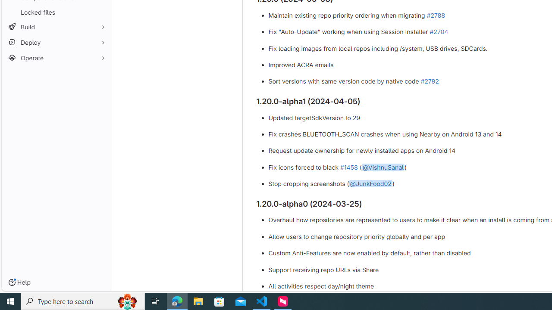 This screenshot has height=310, width=552. Describe the element at coordinates (261, 301) in the screenshot. I see `'Visual Studio Code - 1 running window'` at that location.